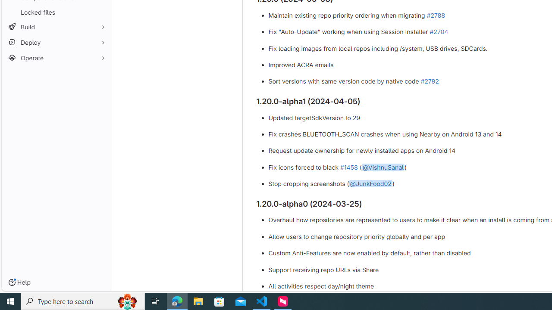 This screenshot has height=310, width=552. Describe the element at coordinates (261, 301) in the screenshot. I see `'Visual Studio Code - 1 running window'` at that location.